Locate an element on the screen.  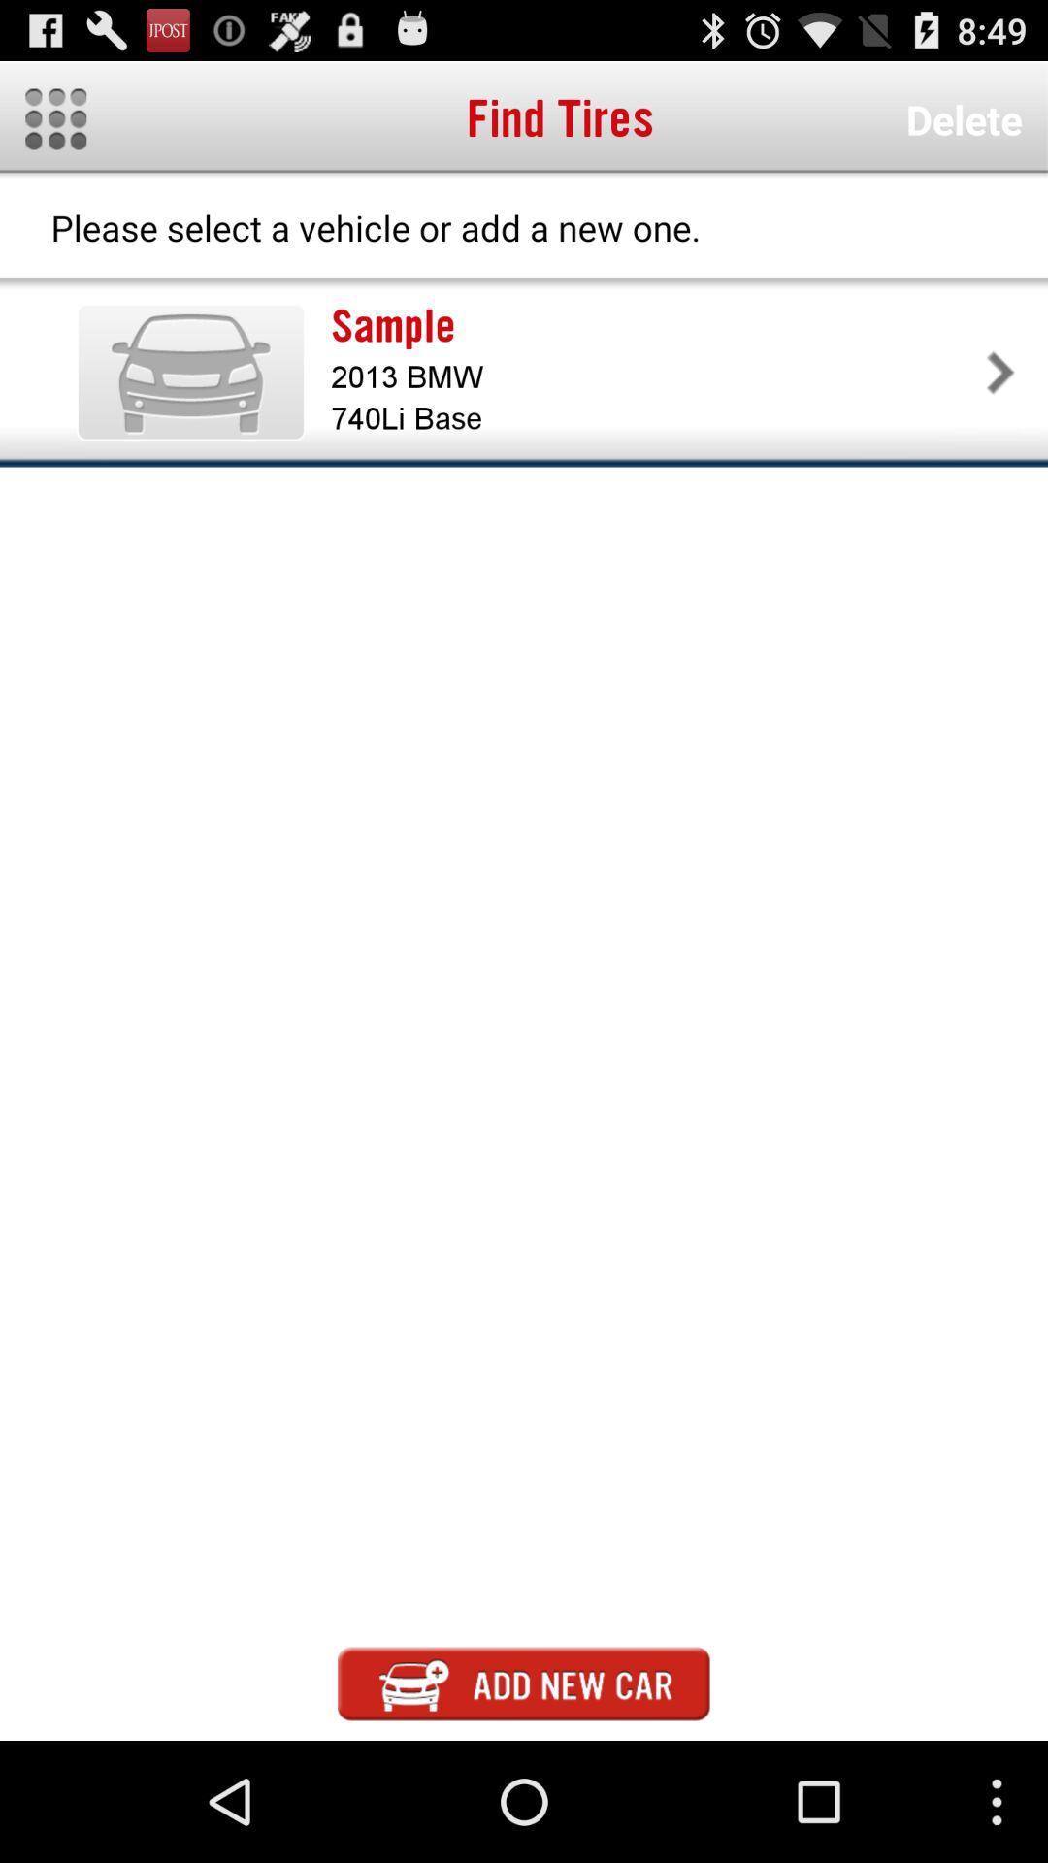
the icon above the sample item is located at coordinates (964, 118).